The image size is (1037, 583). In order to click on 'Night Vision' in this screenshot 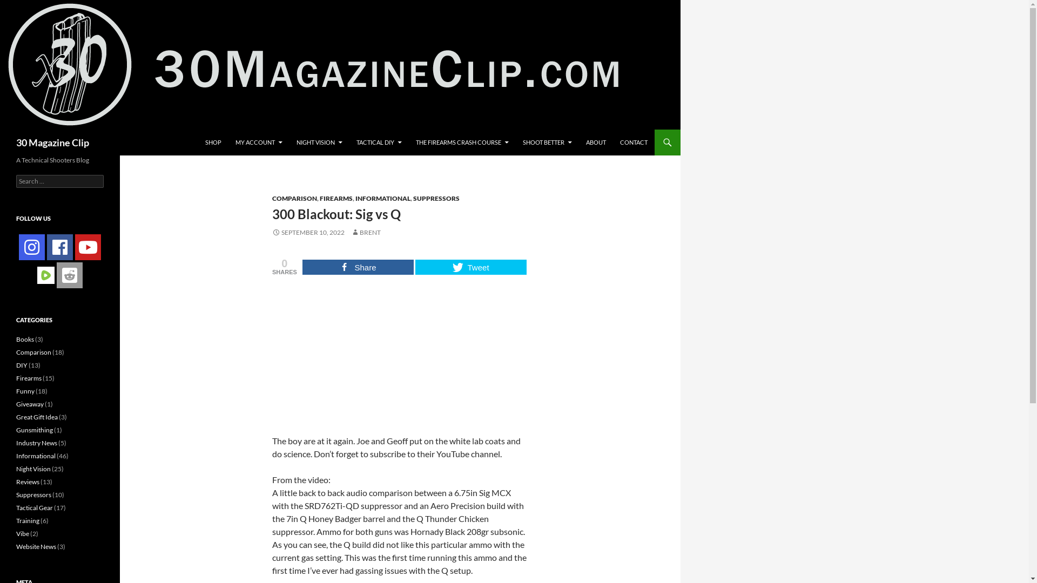, I will do `click(33, 468)`.